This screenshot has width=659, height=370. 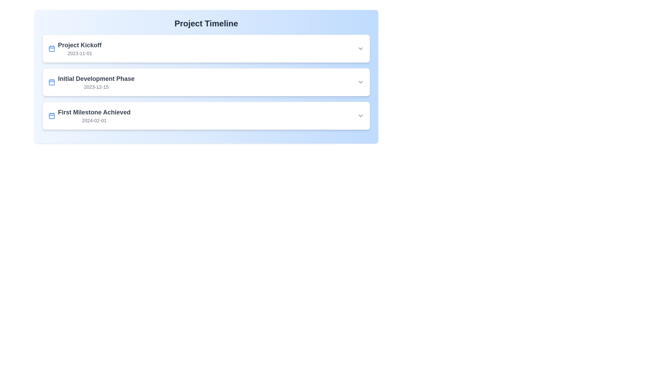 What do you see at coordinates (96, 78) in the screenshot?
I see `the bold text label reading 'Initial Development Phase' in the second card of the vertical timeline` at bounding box center [96, 78].